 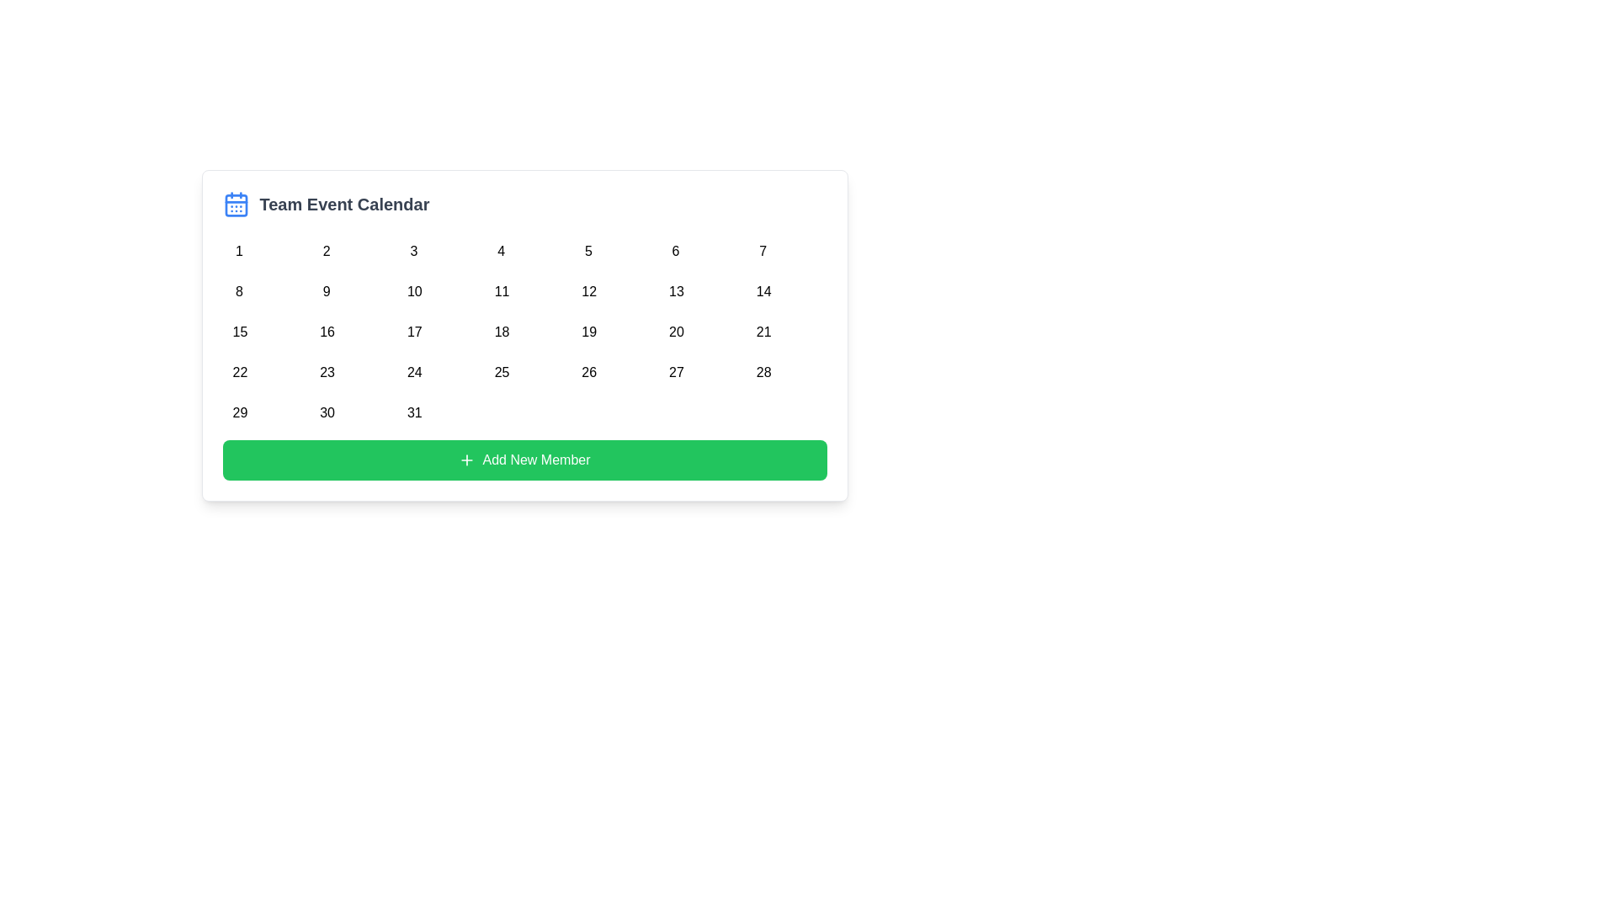 I want to click on the blue calendar icon located at the top-left corner of the 'Team Event Calendar' panel, which is visually distinct with a square outline and two vertical bars at the top, so click(x=235, y=204).